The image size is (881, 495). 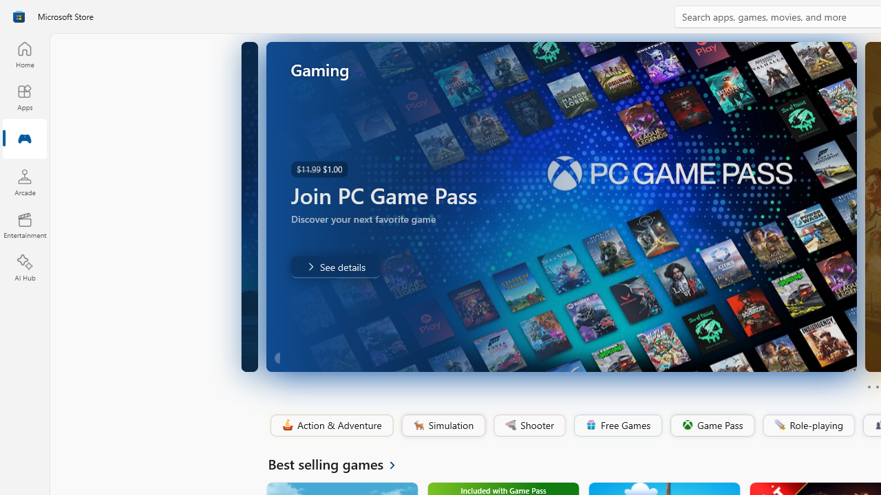 I want to click on 'AutomationID: Image', so click(x=561, y=206).